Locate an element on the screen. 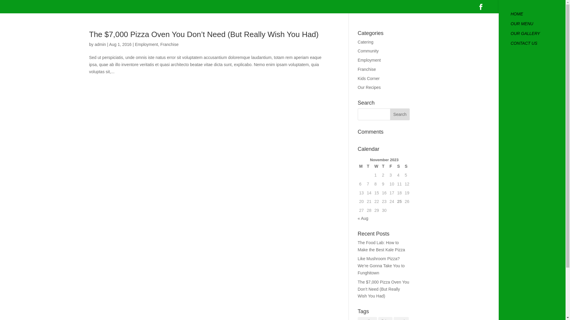 This screenshot has width=570, height=320. 'CONTACT US' is located at coordinates (538, 46).